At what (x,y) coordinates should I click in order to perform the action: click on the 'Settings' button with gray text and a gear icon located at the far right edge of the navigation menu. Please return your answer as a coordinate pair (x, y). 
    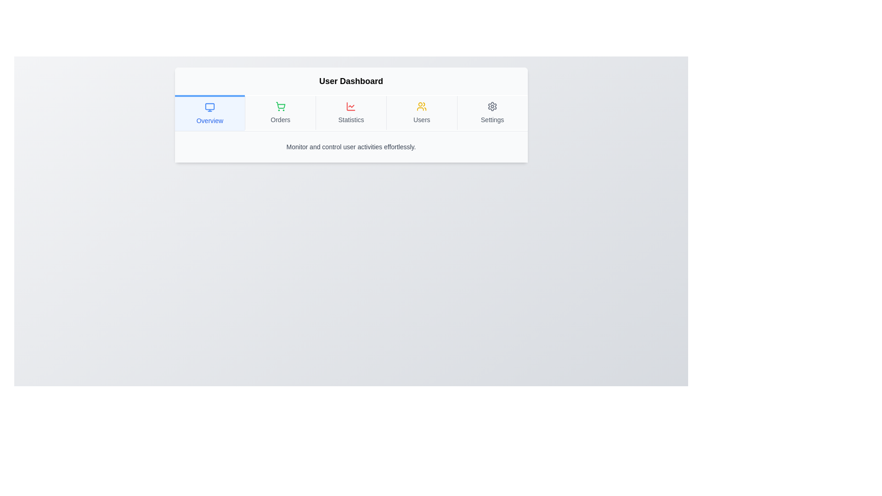
    Looking at the image, I should click on (492, 113).